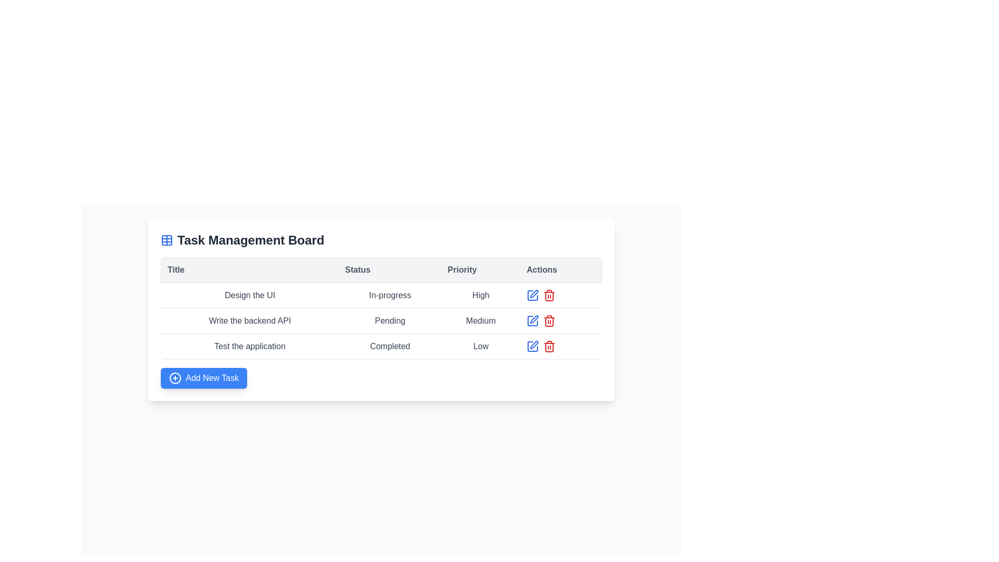 The width and height of the screenshot is (999, 562). What do you see at coordinates (480, 321) in the screenshot?
I see `the Label displaying 'Medium' in gray color, located in the third column of the second row of the table under the 'Priority' column` at bounding box center [480, 321].